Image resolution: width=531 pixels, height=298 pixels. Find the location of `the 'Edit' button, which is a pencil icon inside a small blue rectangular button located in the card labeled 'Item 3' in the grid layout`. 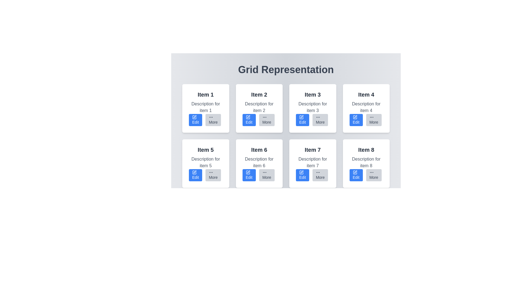

the 'Edit' button, which is a pencil icon inside a small blue rectangular button located in the card labeled 'Item 3' in the grid layout is located at coordinates (301, 116).